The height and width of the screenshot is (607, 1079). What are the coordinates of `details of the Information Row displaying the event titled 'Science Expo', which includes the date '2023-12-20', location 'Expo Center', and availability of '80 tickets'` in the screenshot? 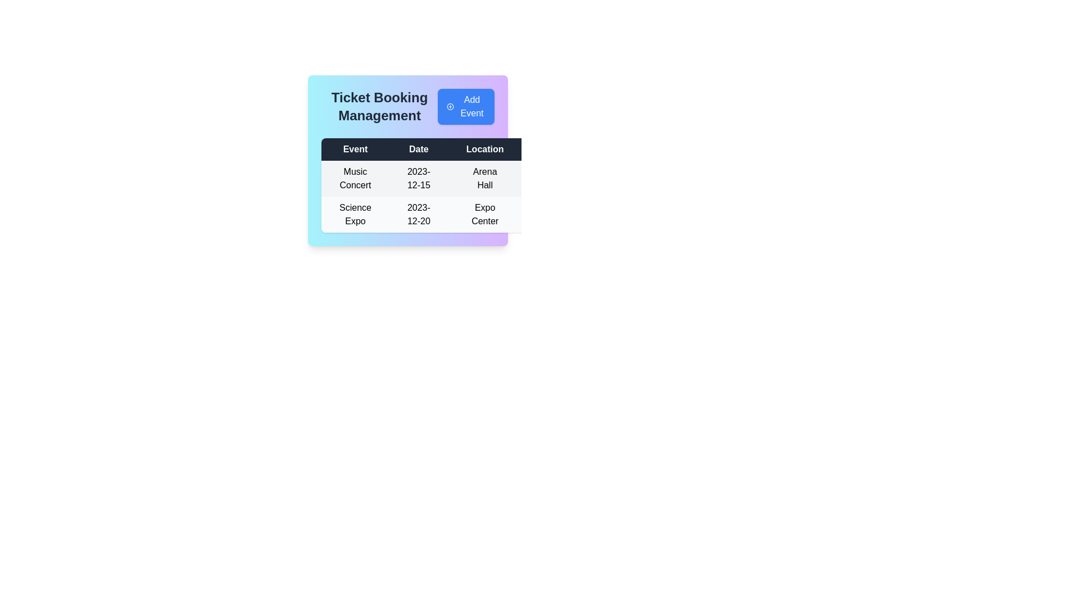 It's located at (507, 214).